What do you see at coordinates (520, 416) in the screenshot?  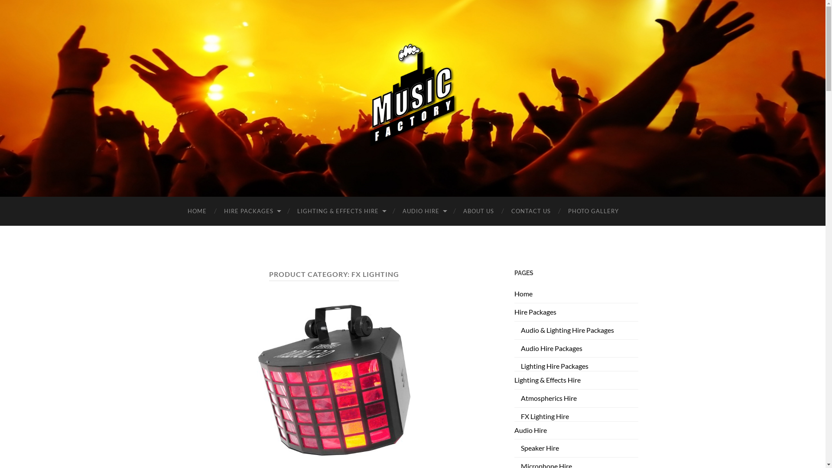 I see `'FX Lighting Hire'` at bounding box center [520, 416].